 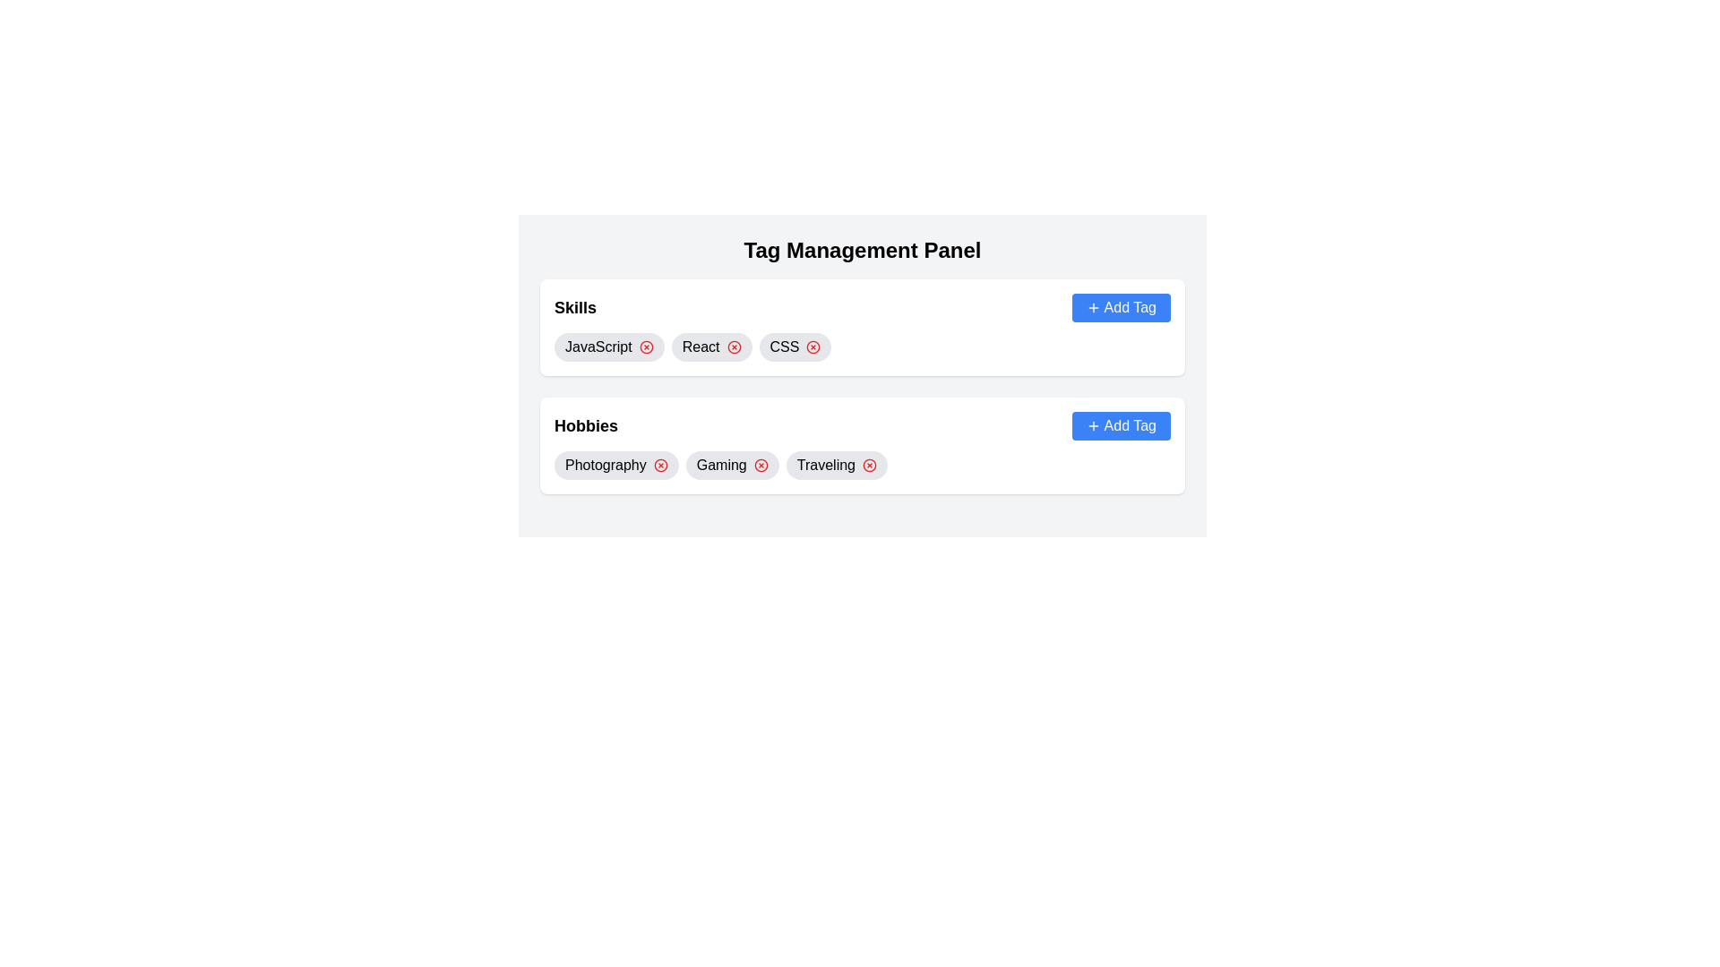 What do you see at coordinates (813, 347) in the screenshot?
I see `the red circular close button with a white 'X' symbol, located at the right end of the 'CSS' tag within the 'Skills' category in the 'Tag Management Panel' to change its visual style` at bounding box center [813, 347].